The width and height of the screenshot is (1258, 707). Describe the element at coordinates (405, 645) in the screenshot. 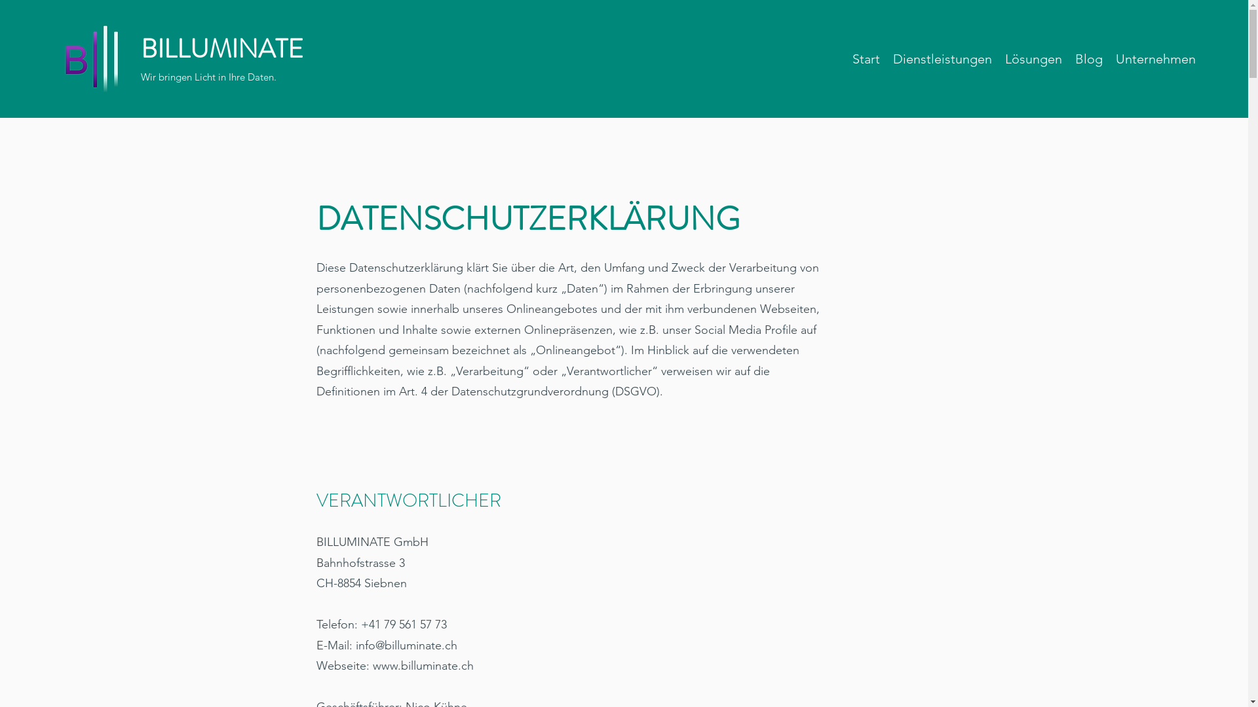

I see `'info@billuminate.ch'` at that location.